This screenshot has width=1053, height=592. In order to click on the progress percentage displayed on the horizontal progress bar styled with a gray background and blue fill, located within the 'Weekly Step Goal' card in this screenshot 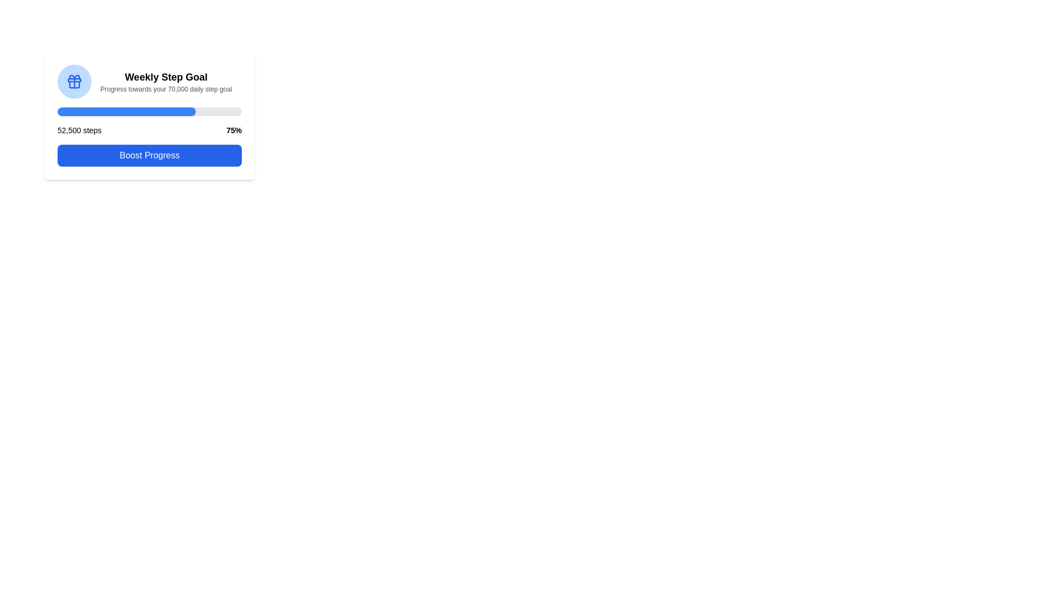, I will do `click(149, 112)`.